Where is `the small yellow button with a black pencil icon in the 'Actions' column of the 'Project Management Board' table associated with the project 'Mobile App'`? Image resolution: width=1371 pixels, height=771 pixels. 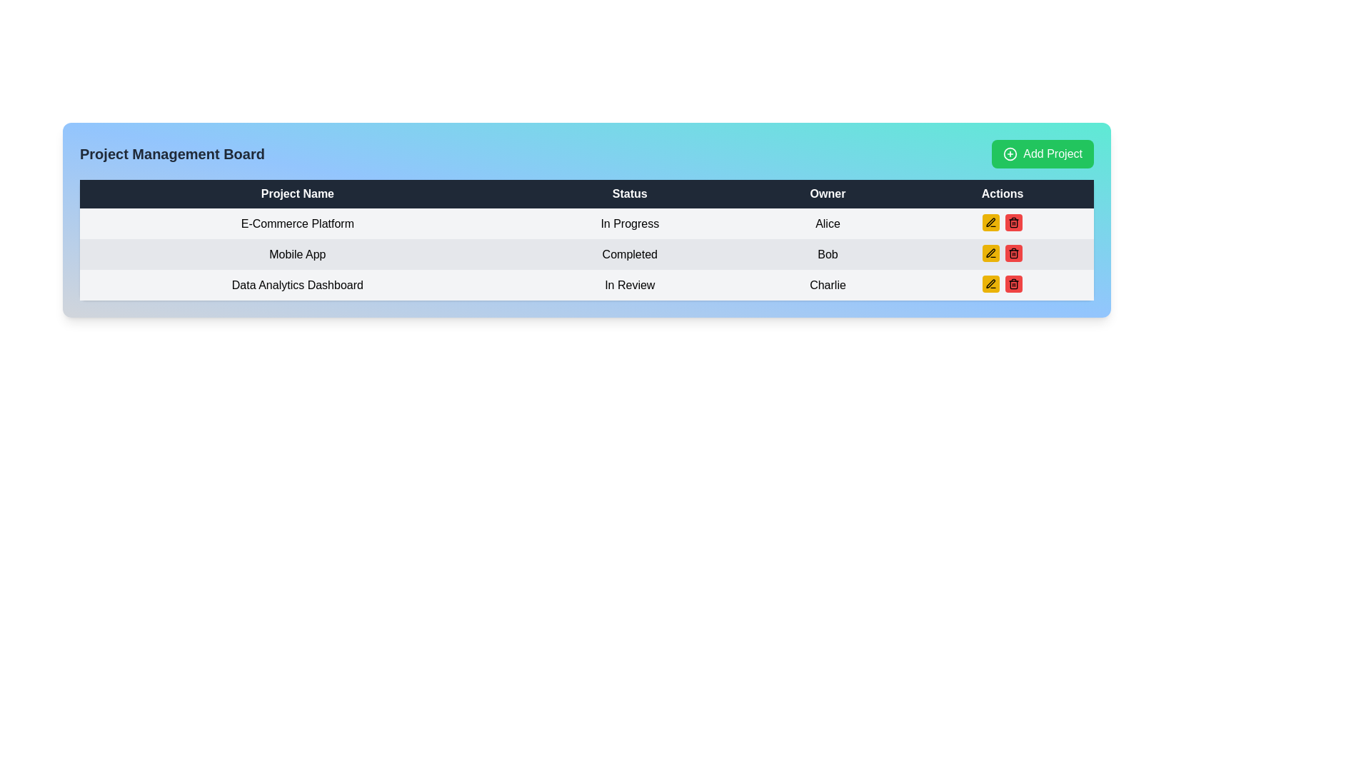
the small yellow button with a black pencil icon in the 'Actions' column of the 'Project Management Board' table associated with the project 'Mobile App' is located at coordinates (990, 252).